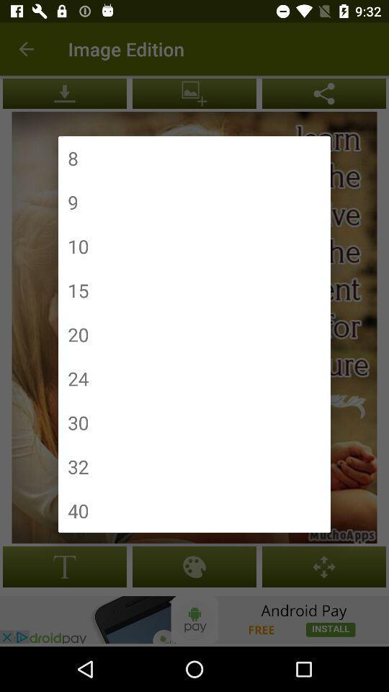  What do you see at coordinates (78, 466) in the screenshot?
I see `the item below 30 icon` at bounding box center [78, 466].